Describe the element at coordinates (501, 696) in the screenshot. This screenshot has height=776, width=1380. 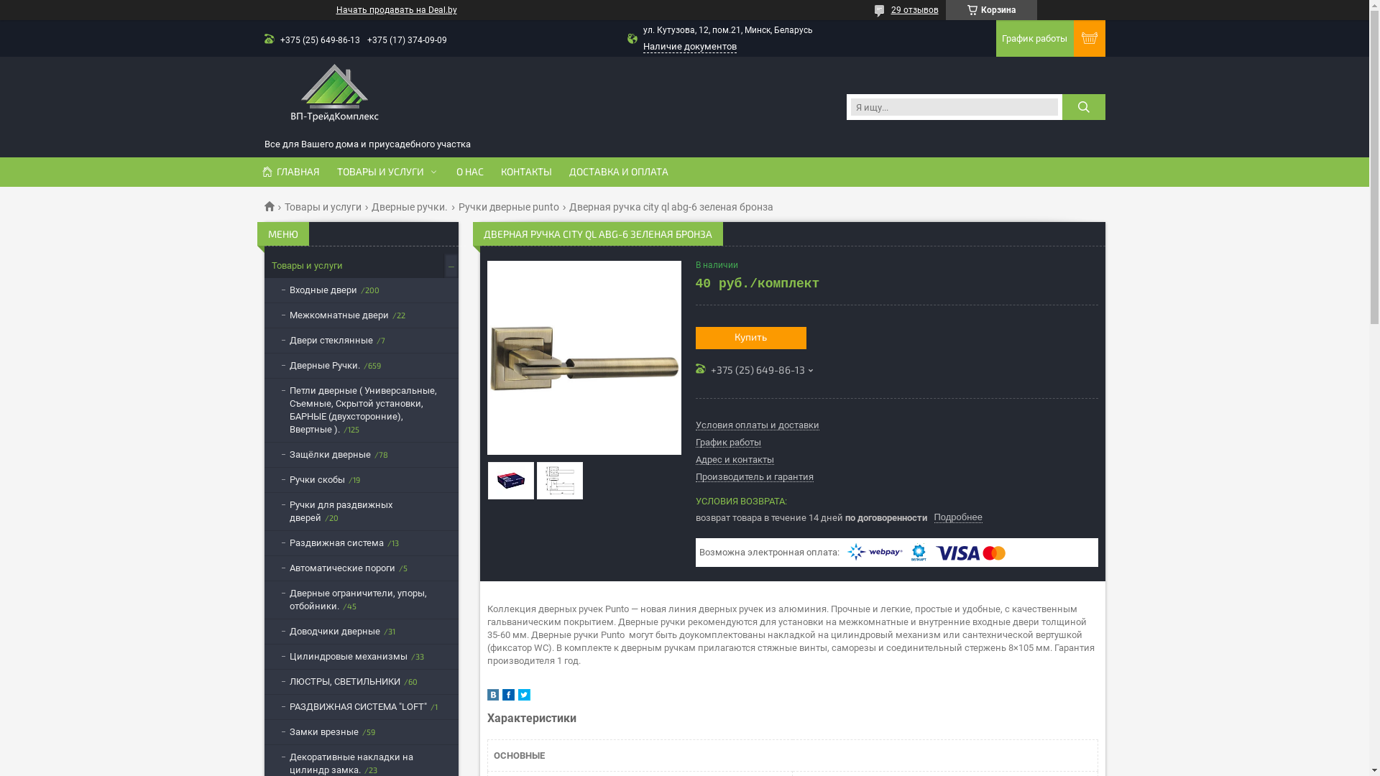
I see `'facebook'` at that location.